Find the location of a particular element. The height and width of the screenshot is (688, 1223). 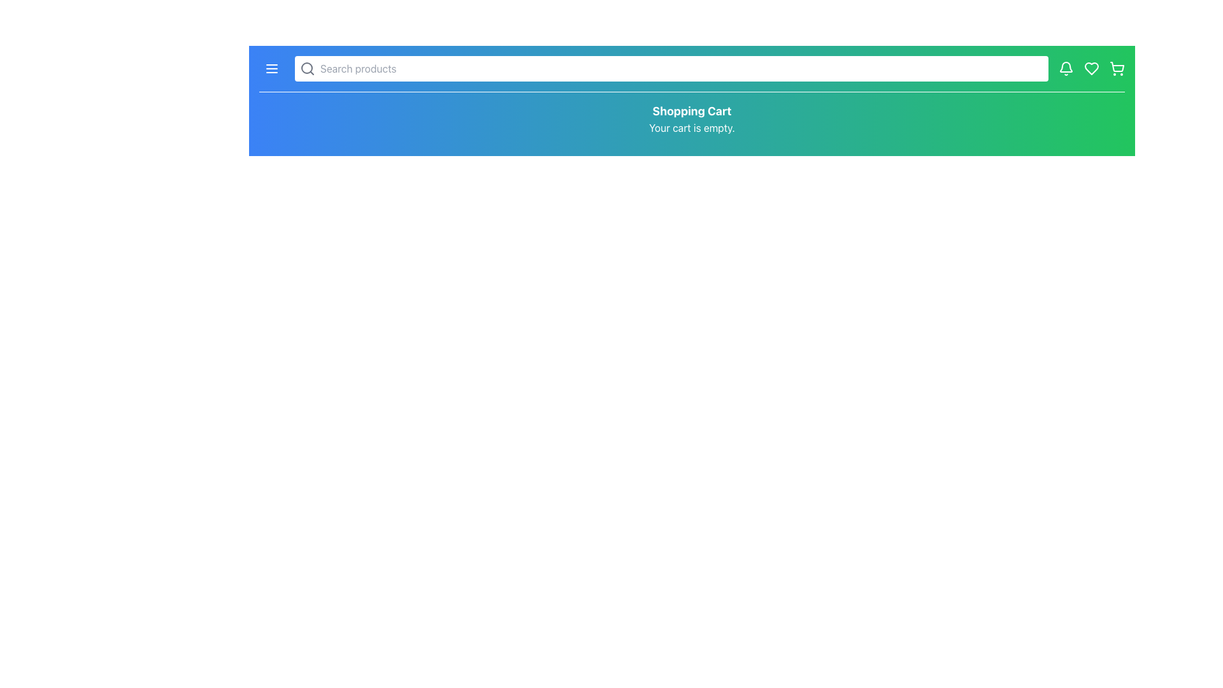

the search SVG icon located at the top-left corner of the search bar, which indicates the search functionality is located at coordinates (308, 69).